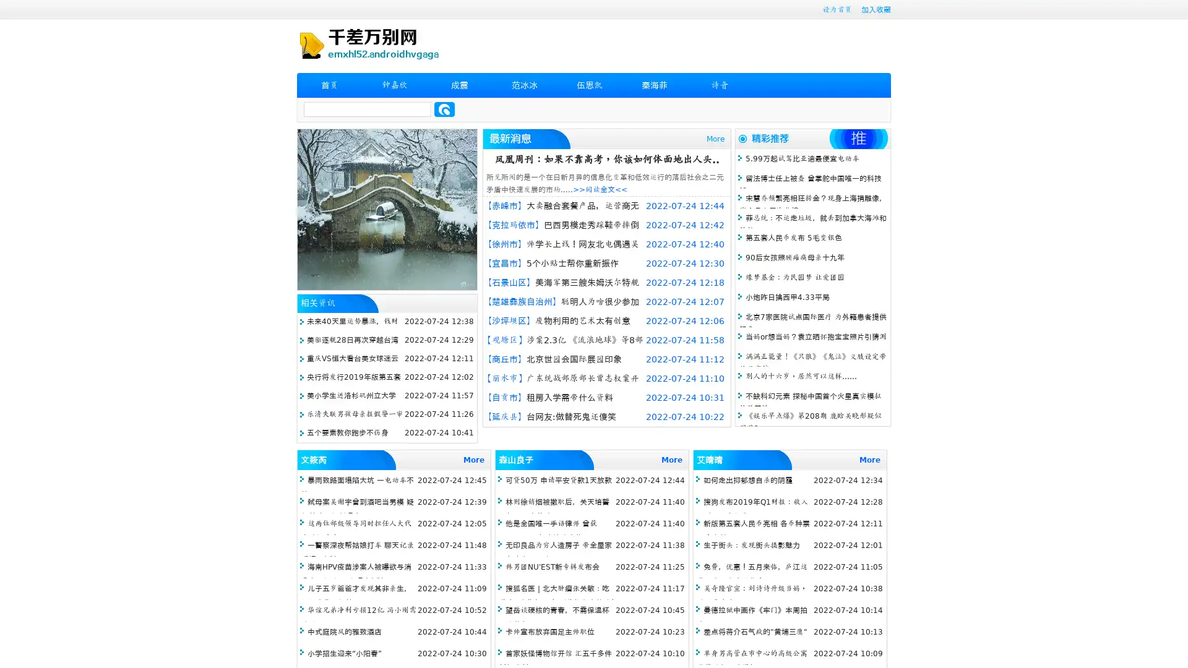 This screenshot has width=1188, height=668. What do you see at coordinates (444, 109) in the screenshot?
I see `Search` at bounding box center [444, 109].